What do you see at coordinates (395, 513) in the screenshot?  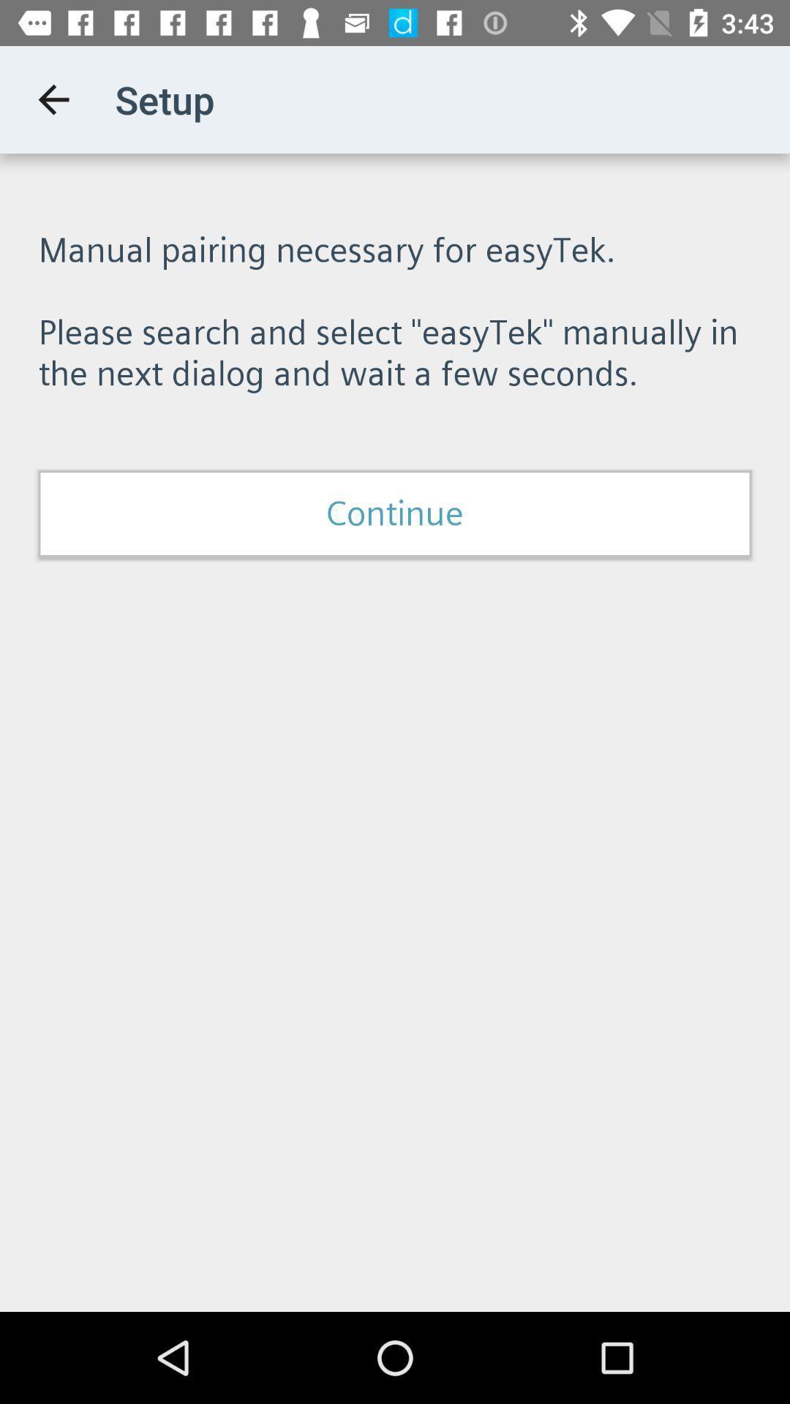 I see `icon below the manual pairing necessary item` at bounding box center [395, 513].